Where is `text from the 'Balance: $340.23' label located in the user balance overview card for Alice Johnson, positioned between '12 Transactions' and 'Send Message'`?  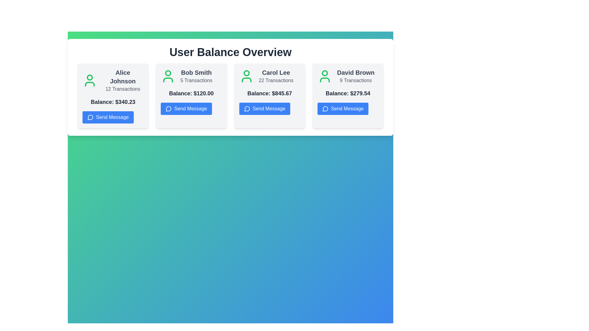 text from the 'Balance: $340.23' label located in the user balance overview card for Alice Johnson, positioned between '12 Transactions' and 'Send Message' is located at coordinates (113, 101).